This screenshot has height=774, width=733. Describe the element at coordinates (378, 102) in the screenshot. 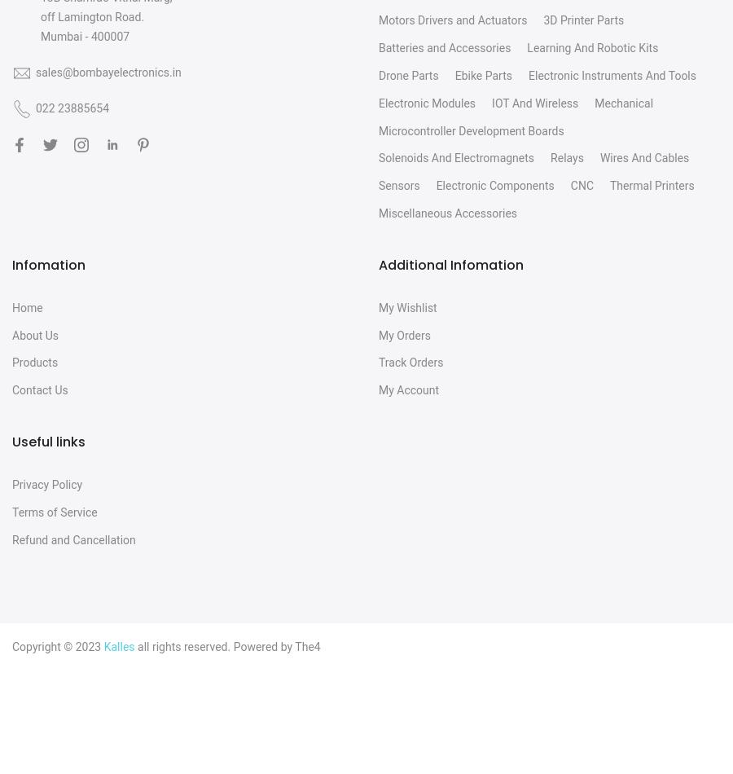

I see `'Electronic Modules'` at that location.